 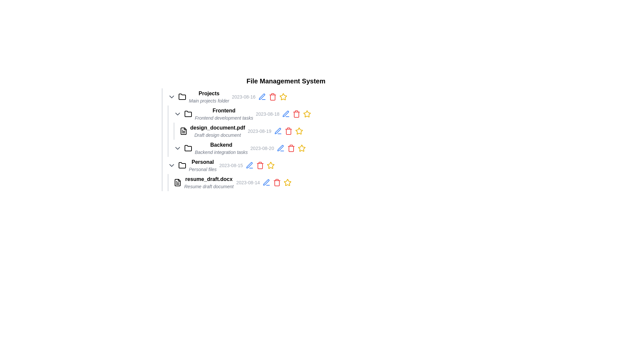 I want to click on the fourth icon button on the right side of the 'Frontend' section in the 'File Management System' interface, so click(x=286, y=114).